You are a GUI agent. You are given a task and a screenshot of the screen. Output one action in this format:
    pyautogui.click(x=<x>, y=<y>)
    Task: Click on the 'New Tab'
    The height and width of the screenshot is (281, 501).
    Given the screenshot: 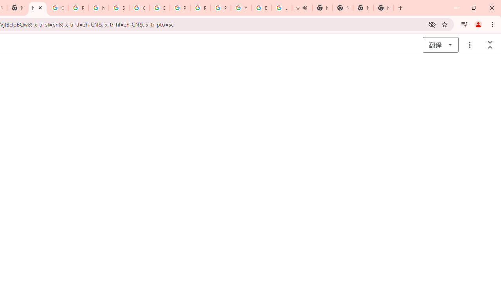 What is the action you would take?
    pyautogui.click(x=363, y=8)
    